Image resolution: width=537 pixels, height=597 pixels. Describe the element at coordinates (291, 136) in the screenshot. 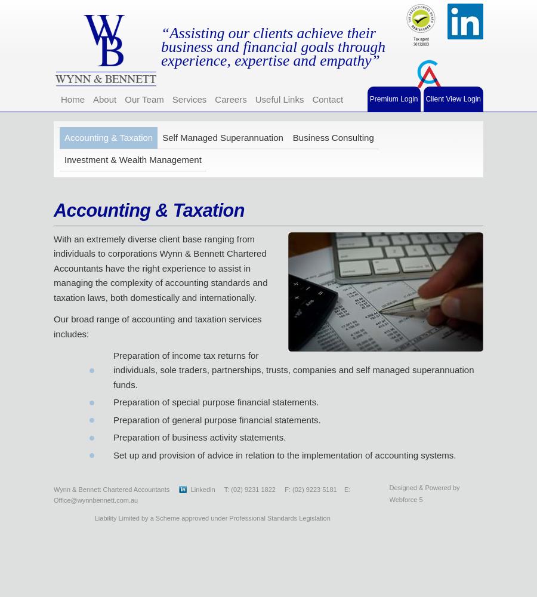

I see `'Business Consulting'` at that location.